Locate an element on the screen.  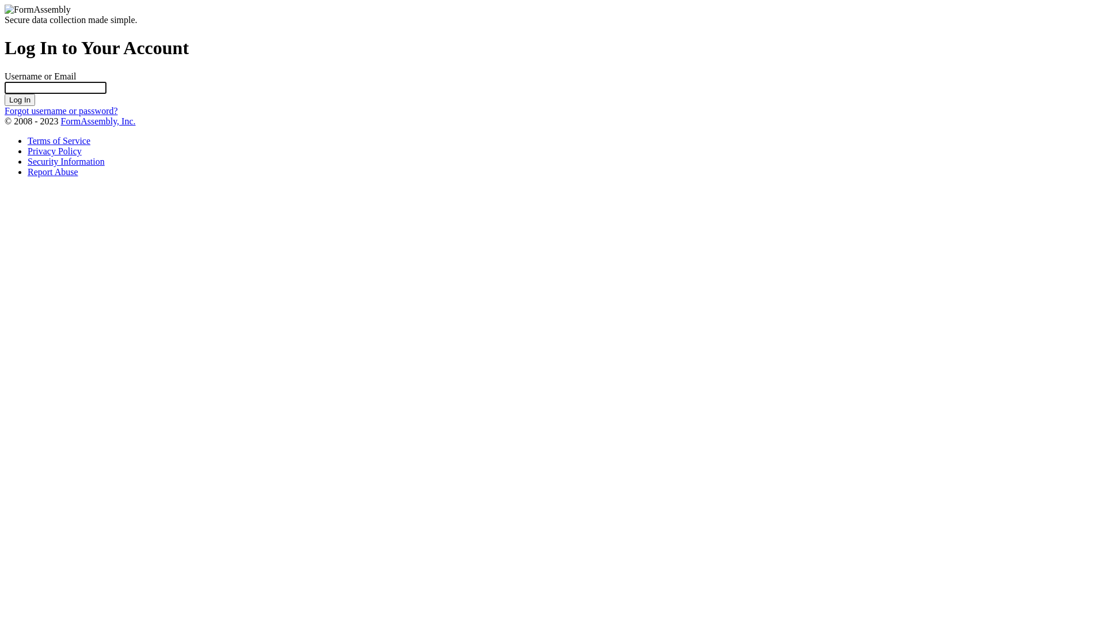
'Forgot username or password?' is located at coordinates (5, 111).